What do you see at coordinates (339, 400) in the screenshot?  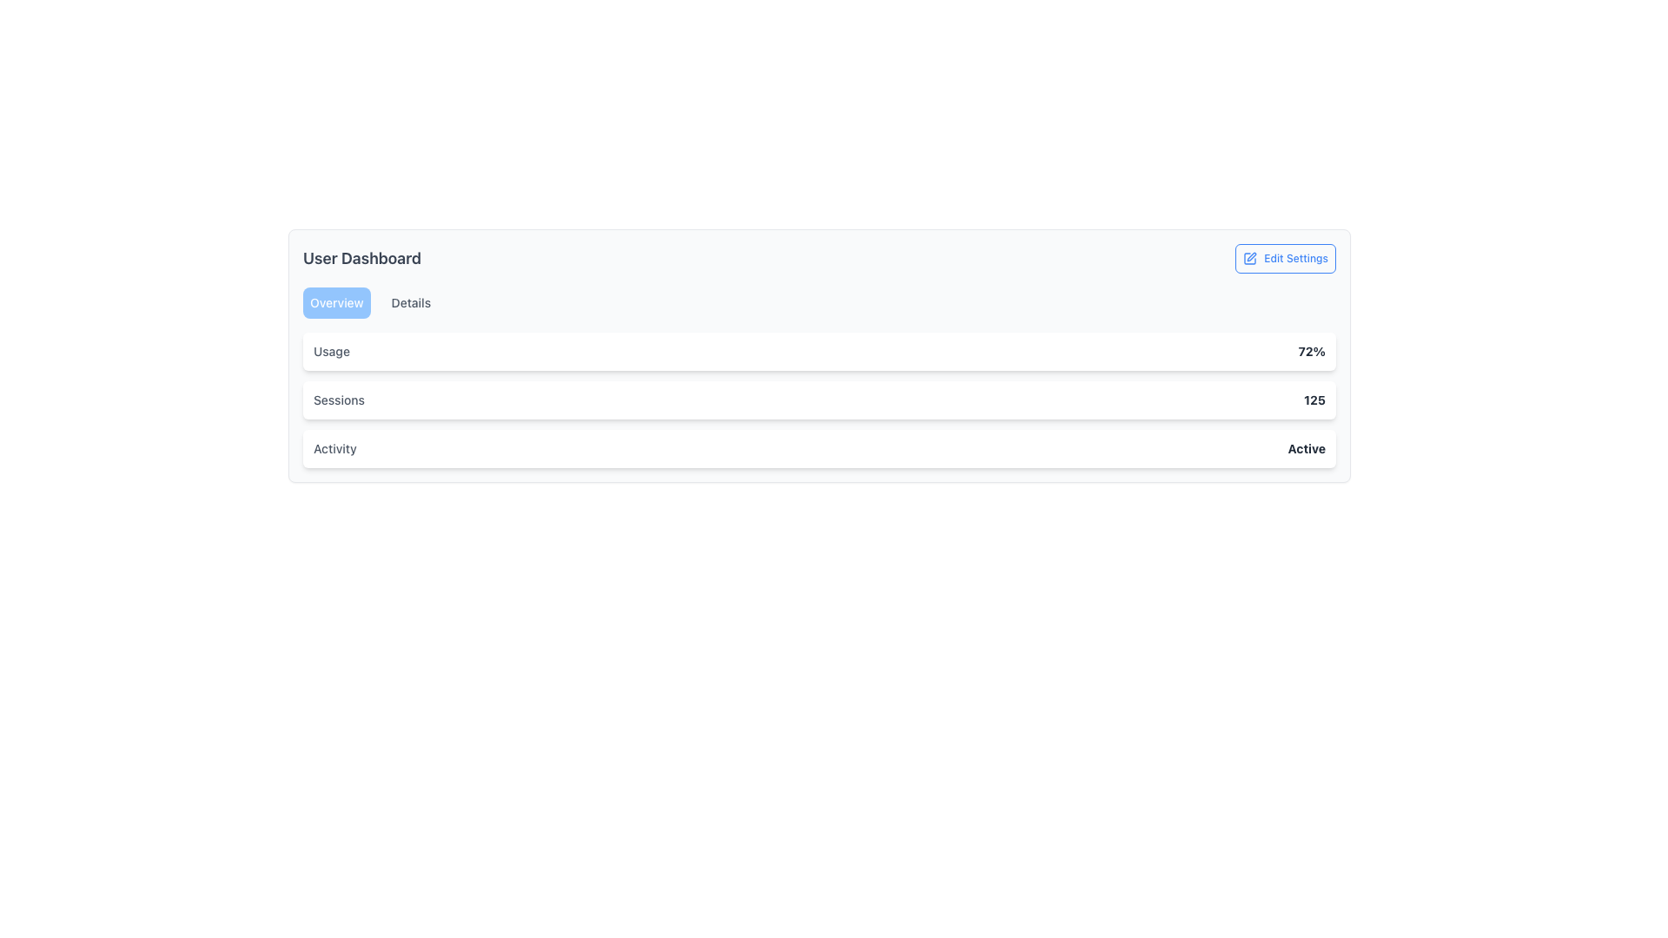 I see `the Static Text Label displaying 'Sessions', which is styled in gray with a smaller font size and medium weight, located to the left of a bold numerical value` at bounding box center [339, 400].